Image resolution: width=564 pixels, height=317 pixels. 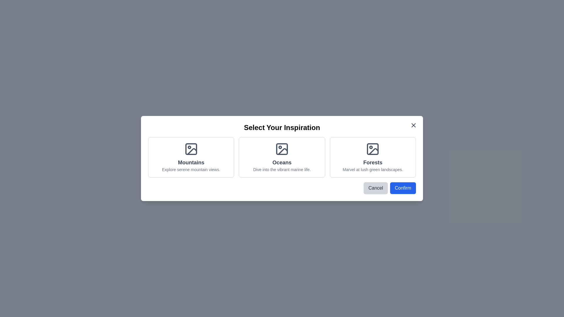 I want to click on the close icon represented by a diagonal cross in the top-right corner of the modal dialog box, so click(x=413, y=125).